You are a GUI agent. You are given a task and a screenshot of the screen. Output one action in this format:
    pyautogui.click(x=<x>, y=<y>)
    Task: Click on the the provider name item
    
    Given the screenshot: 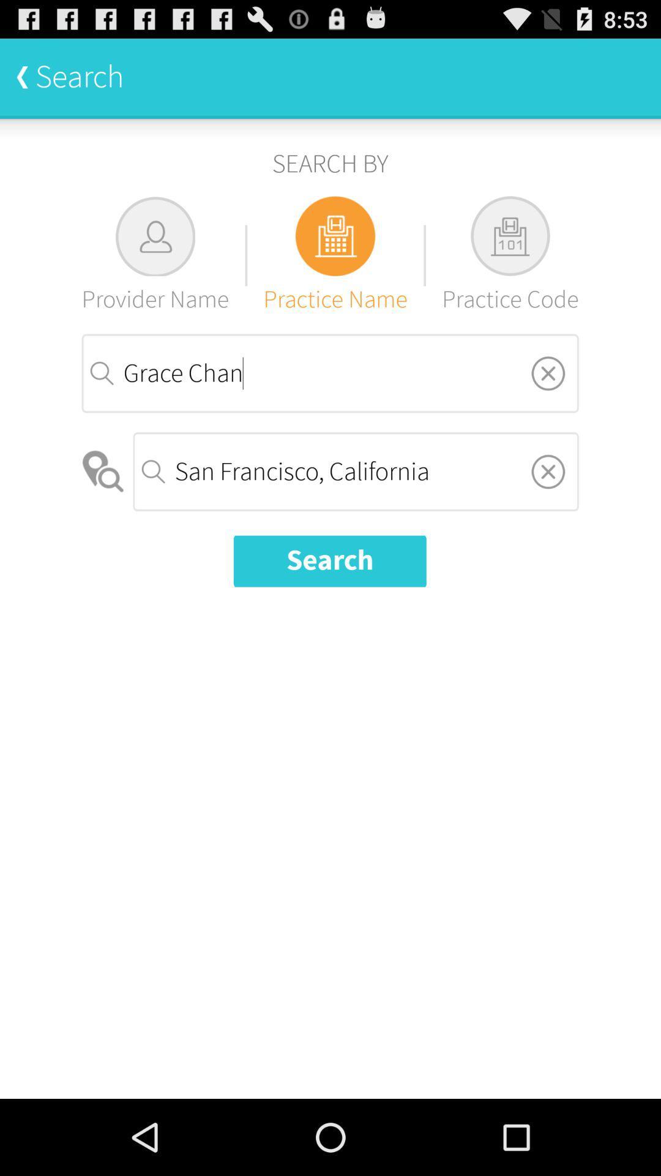 What is the action you would take?
    pyautogui.click(x=154, y=255)
    